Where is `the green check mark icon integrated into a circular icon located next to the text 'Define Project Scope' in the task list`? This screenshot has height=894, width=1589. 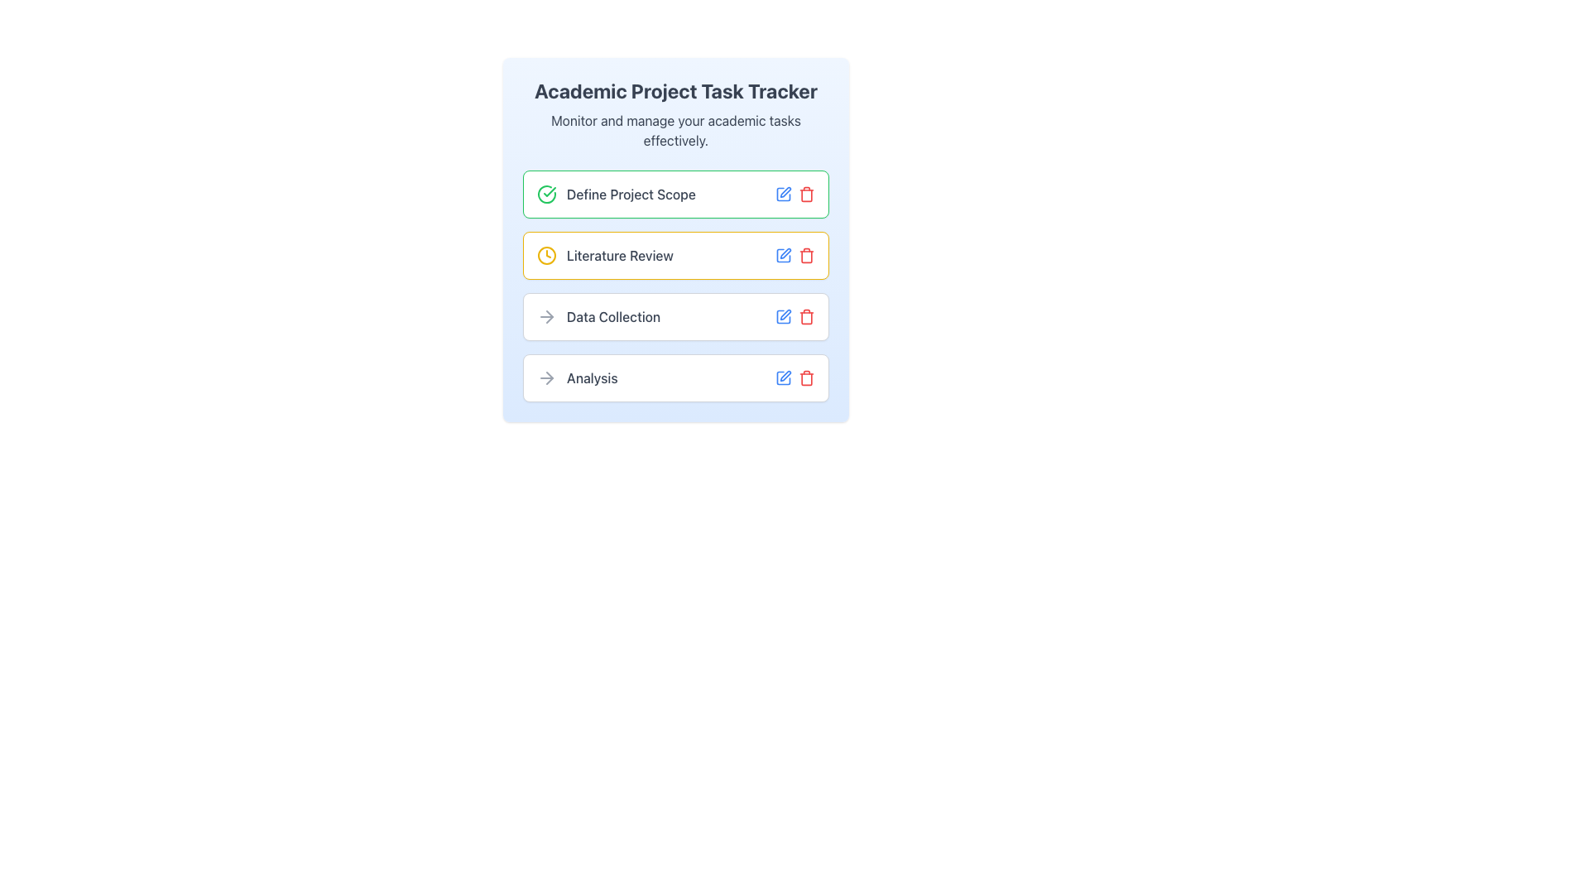
the green check mark icon integrated into a circular icon located next to the text 'Define Project Scope' in the task list is located at coordinates (550, 190).